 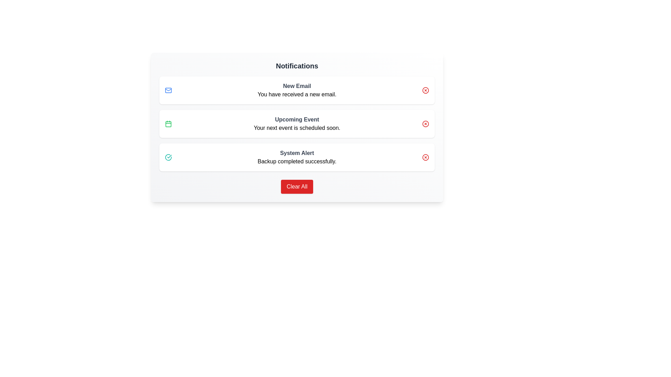 I want to click on the Text Label that serves as the headline for the notification entry, summarizing the nature of the notification, so click(x=297, y=86).